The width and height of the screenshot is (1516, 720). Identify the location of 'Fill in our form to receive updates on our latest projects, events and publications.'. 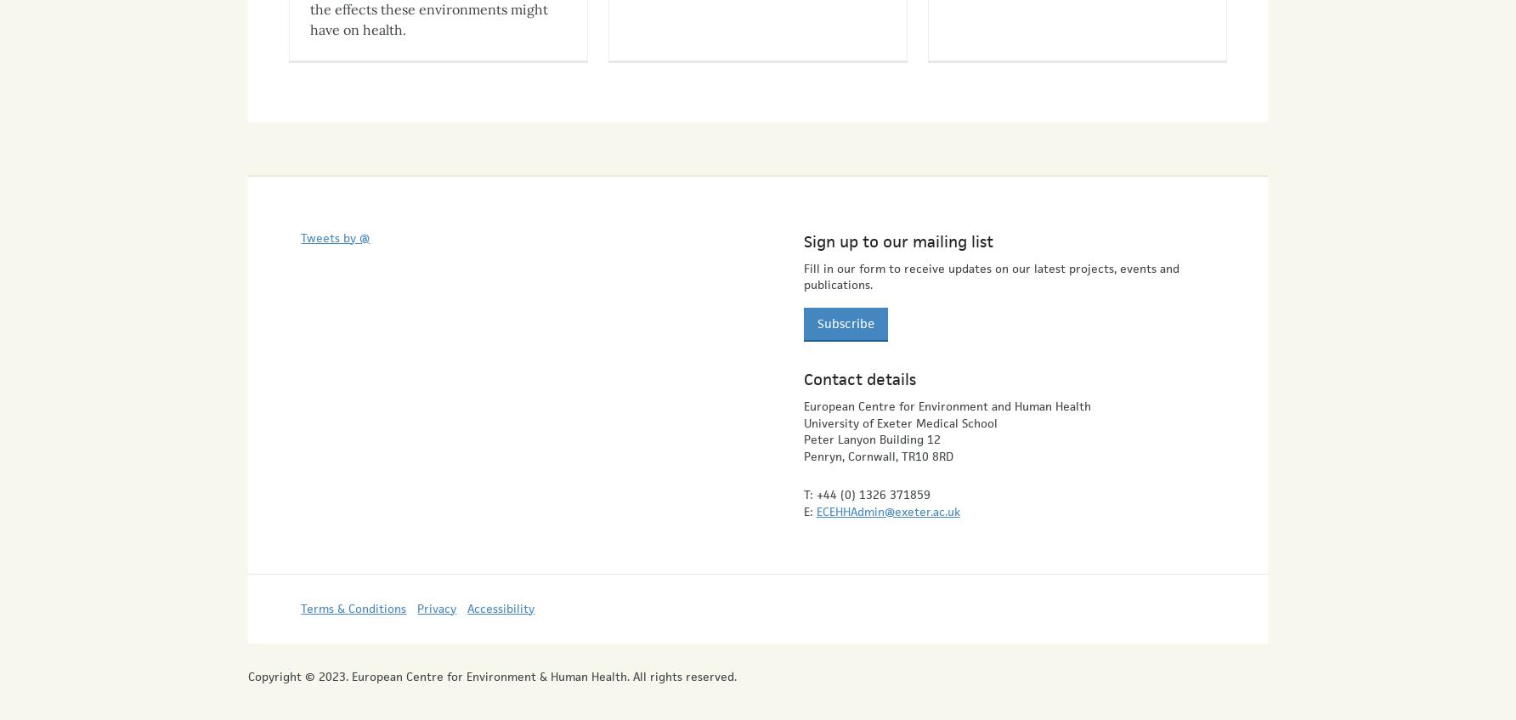
(991, 261).